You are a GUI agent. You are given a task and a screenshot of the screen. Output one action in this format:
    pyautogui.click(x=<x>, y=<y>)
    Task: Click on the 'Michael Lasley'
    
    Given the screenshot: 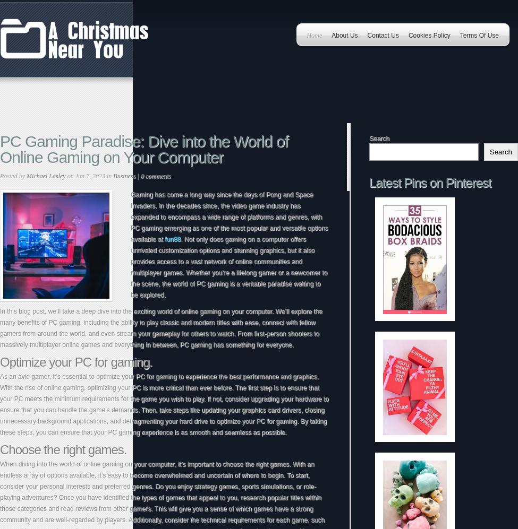 What is the action you would take?
    pyautogui.click(x=46, y=176)
    